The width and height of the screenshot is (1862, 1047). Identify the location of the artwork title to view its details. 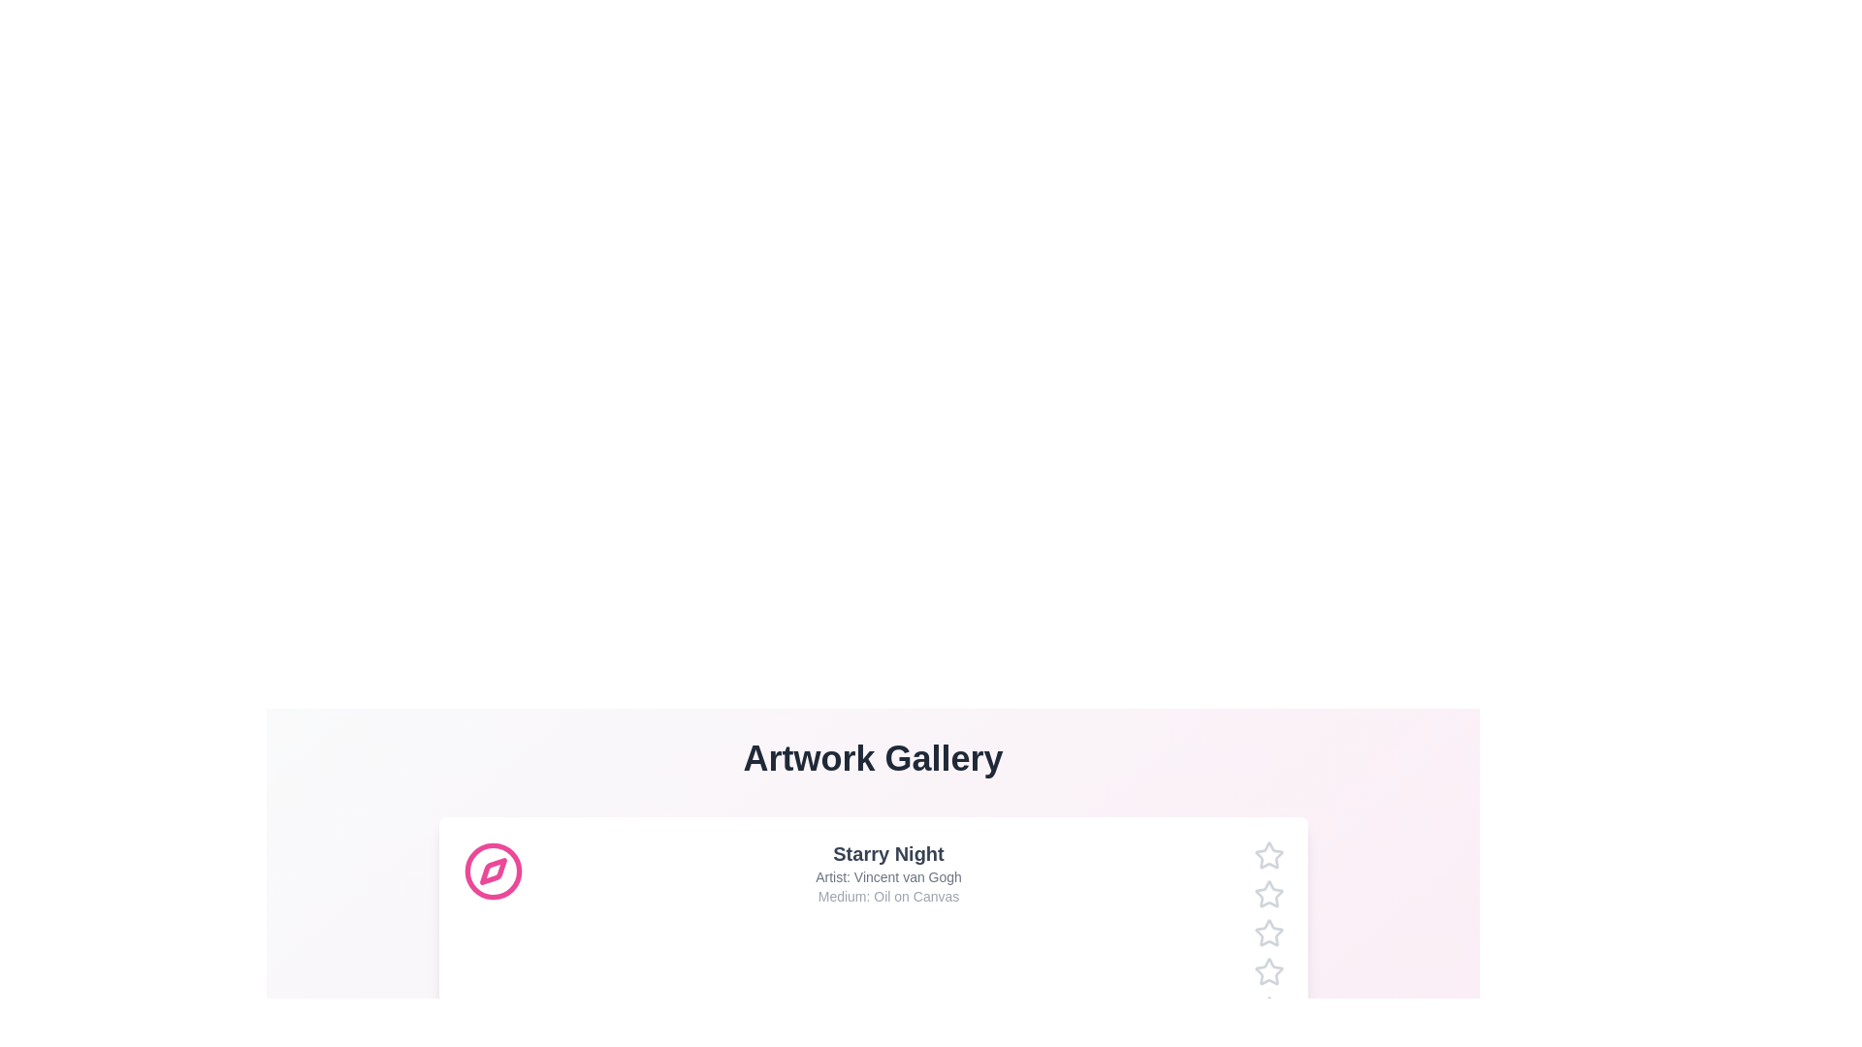
(887, 852).